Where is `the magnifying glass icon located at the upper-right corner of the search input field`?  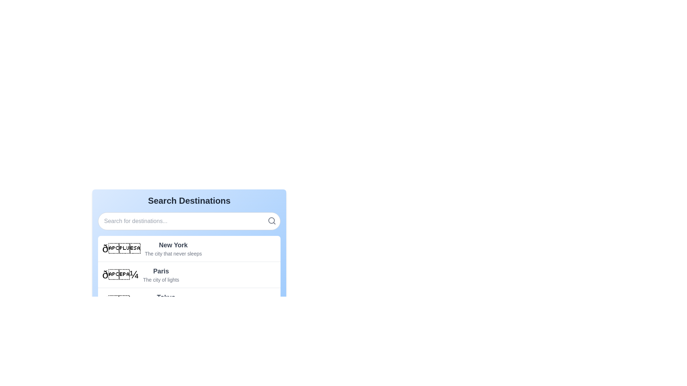
the magnifying glass icon located at the upper-right corner of the search input field is located at coordinates (271, 220).